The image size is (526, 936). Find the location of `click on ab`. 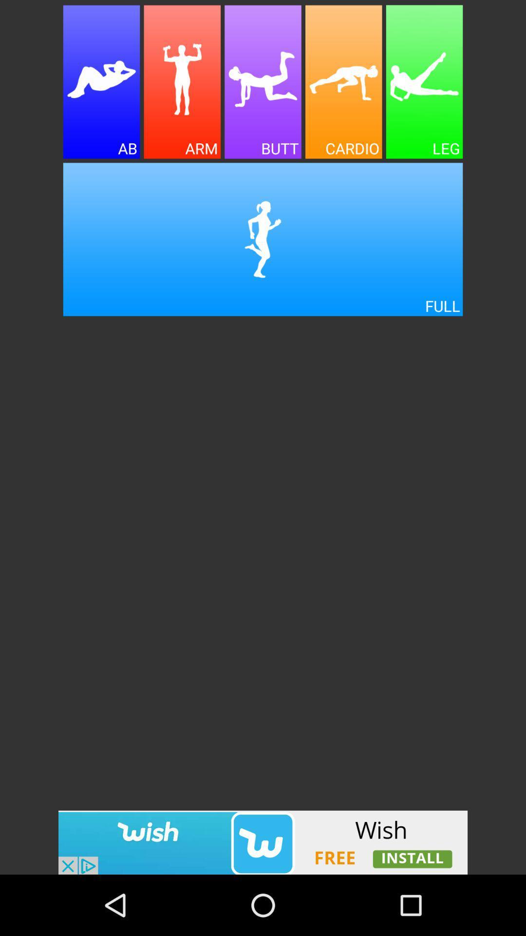

click on ab is located at coordinates (101, 82).